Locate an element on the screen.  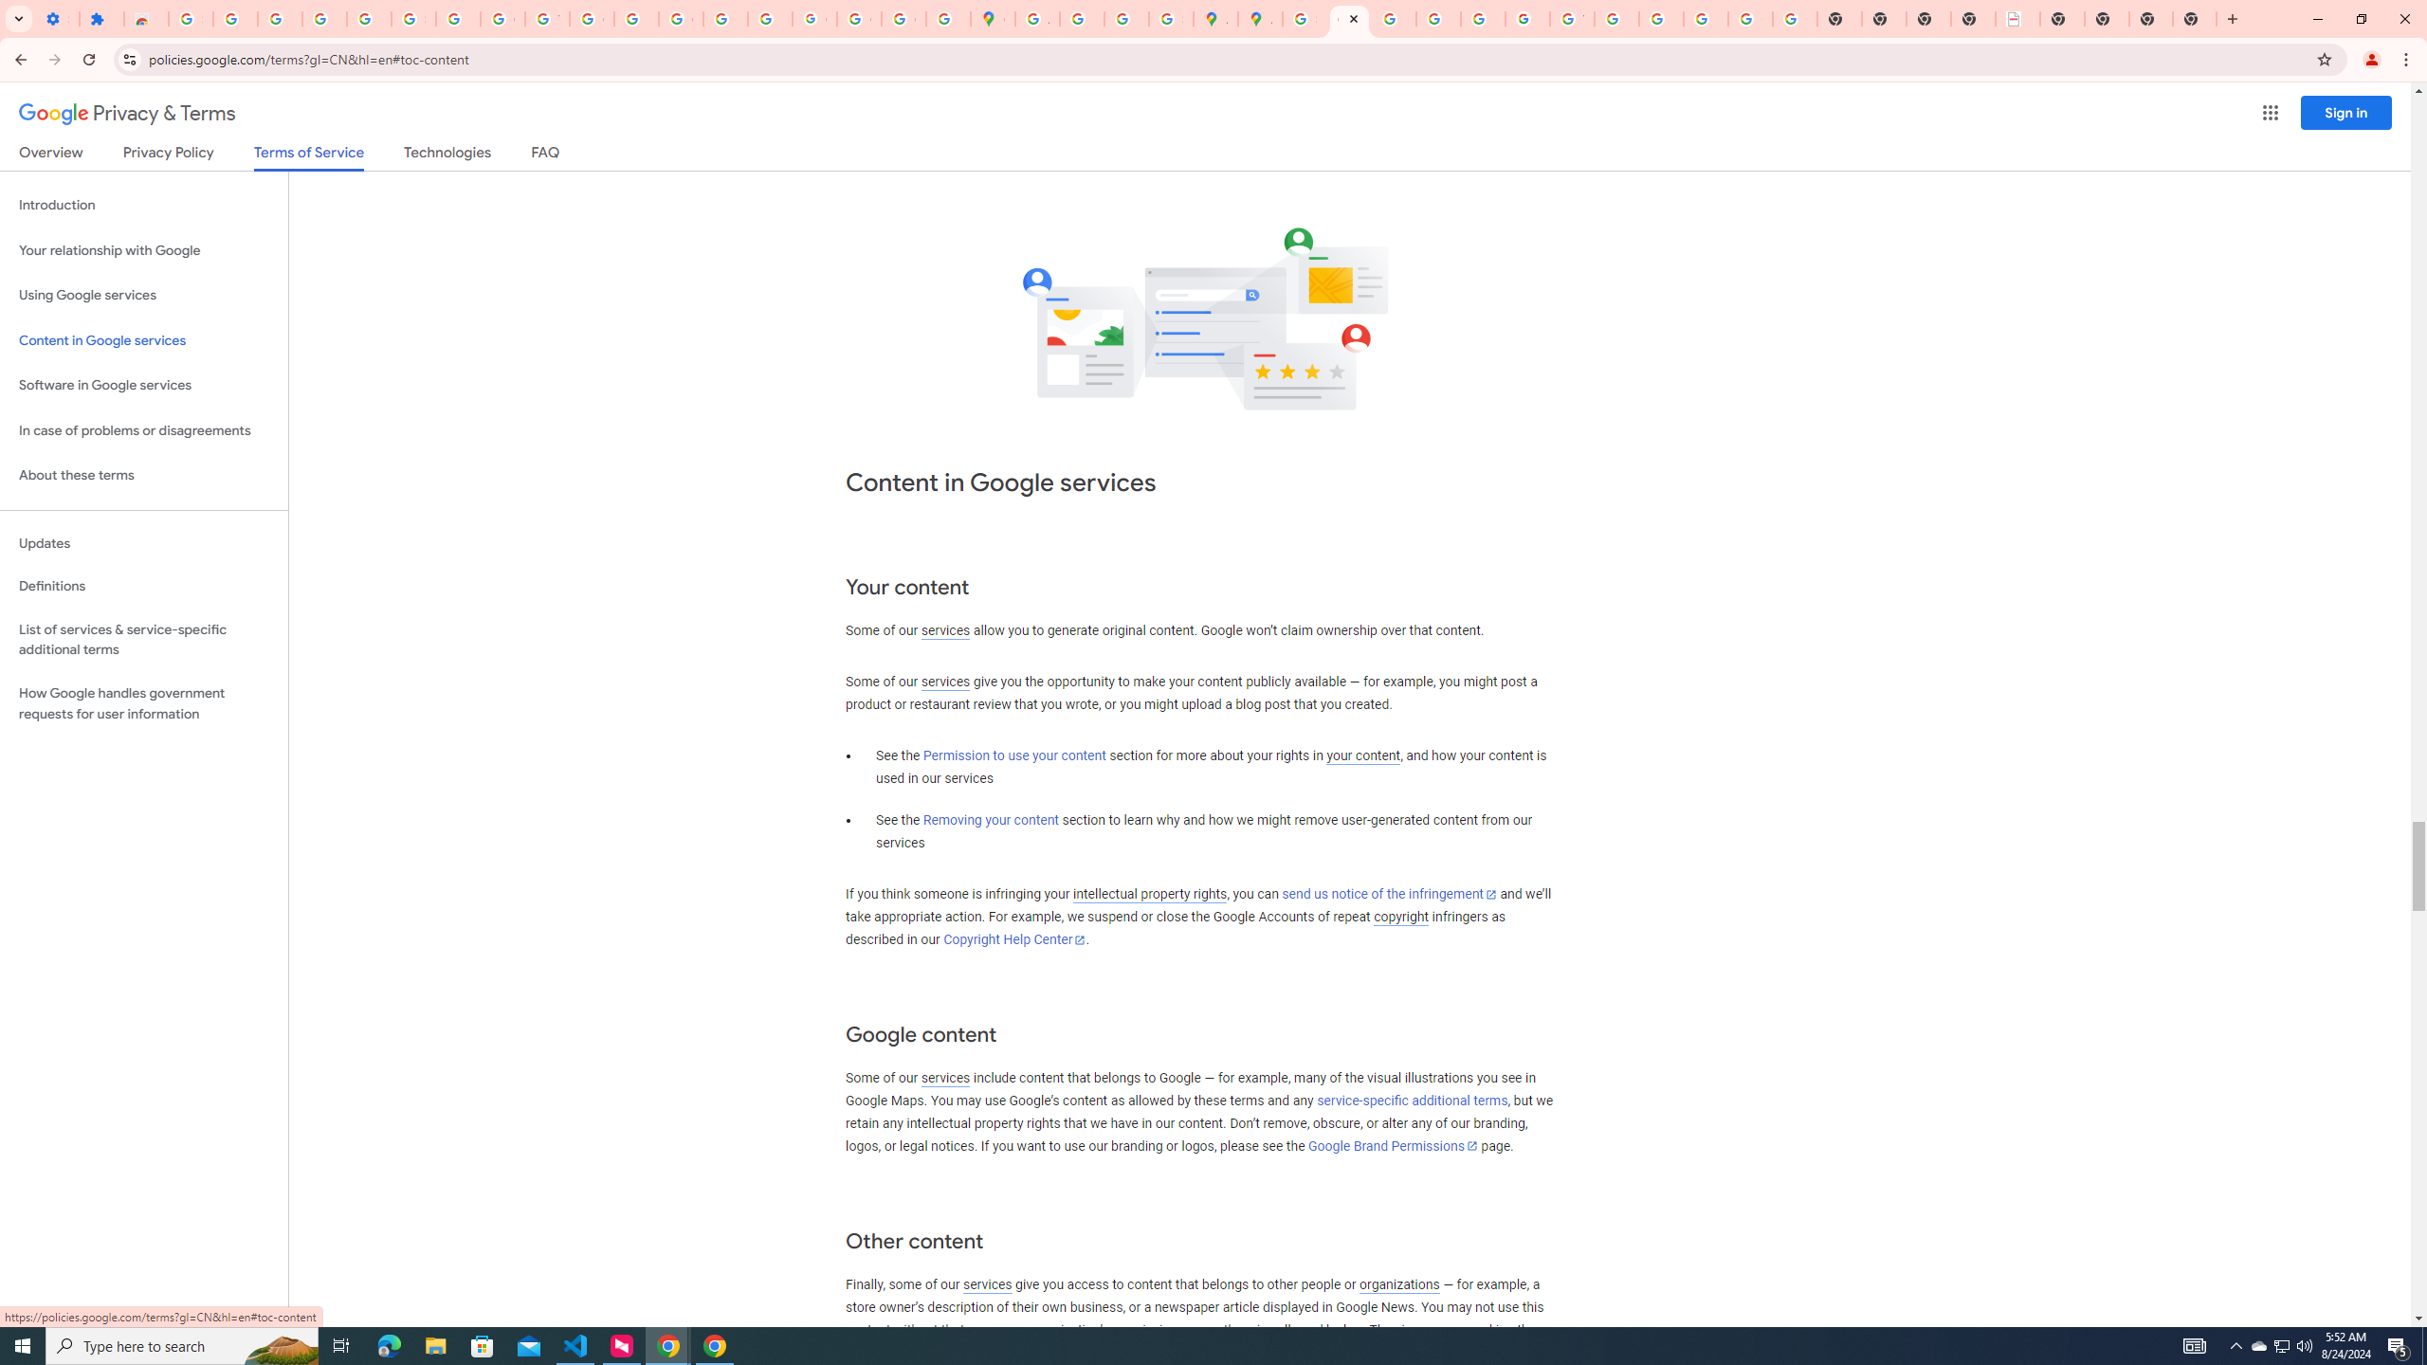
'About these terms' is located at coordinates (143, 475).